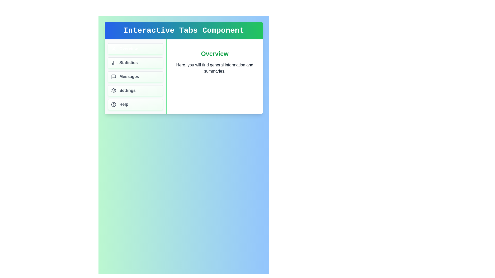 The width and height of the screenshot is (495, 278). What do you see at coordinates (135, 62) in the screenshot?
I see `the tab labeled Statistics` at bounding box center [135, 62].